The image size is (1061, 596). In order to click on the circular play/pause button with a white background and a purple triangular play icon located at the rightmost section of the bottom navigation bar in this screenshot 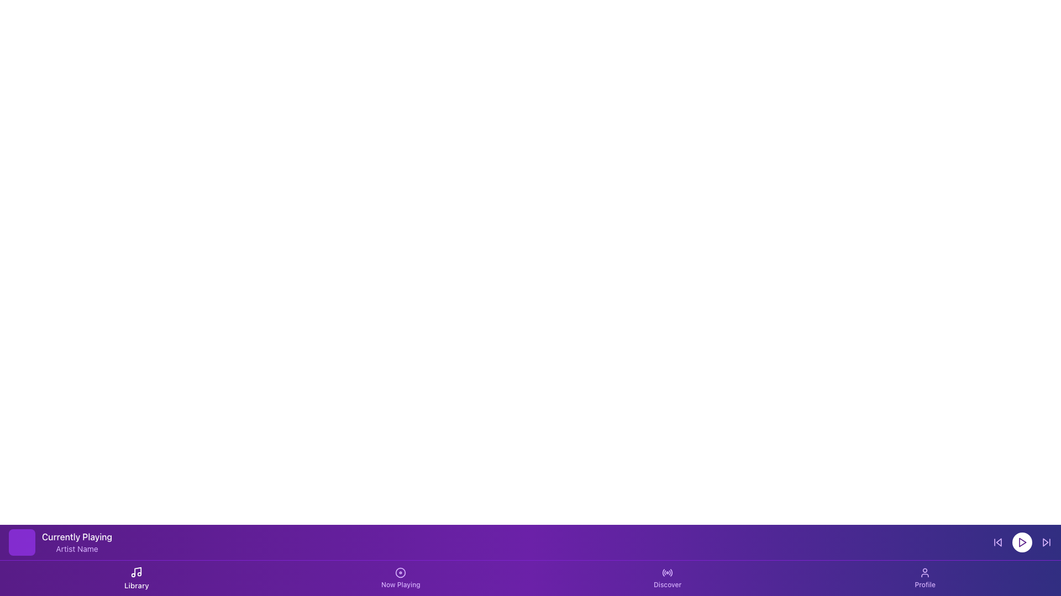, I will do `click(1021, 542)`.